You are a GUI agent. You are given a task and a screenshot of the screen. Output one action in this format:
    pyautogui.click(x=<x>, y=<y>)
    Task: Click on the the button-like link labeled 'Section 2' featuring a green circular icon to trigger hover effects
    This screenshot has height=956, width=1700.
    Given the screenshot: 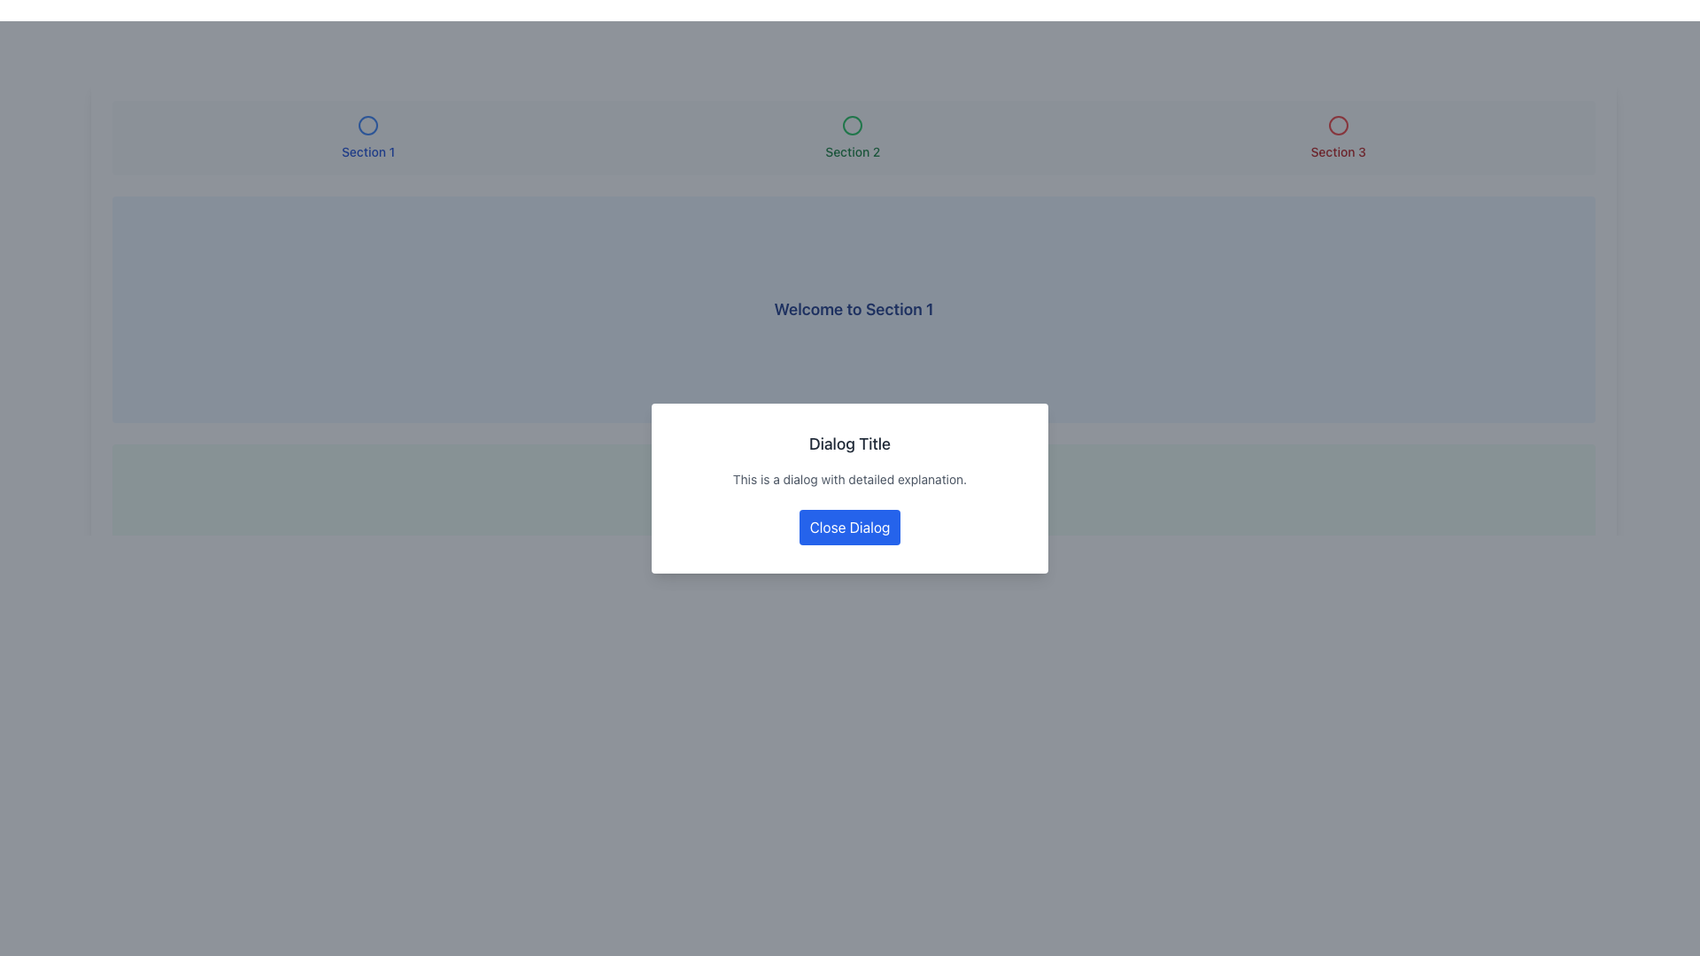 What is the action you would take?
    pyautogui.click(x=853, y=136)
    